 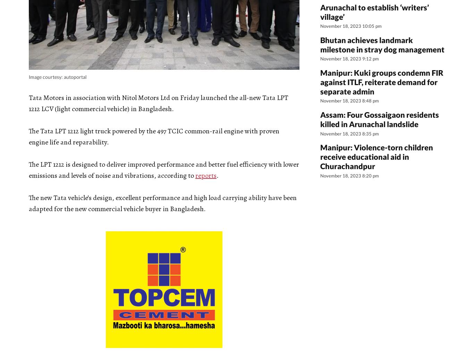 What do you see at coordinates (349, 59) in the screenshot?
I see `'November 18, 2023 9:12 pm'` at bounding box center [349, 59].